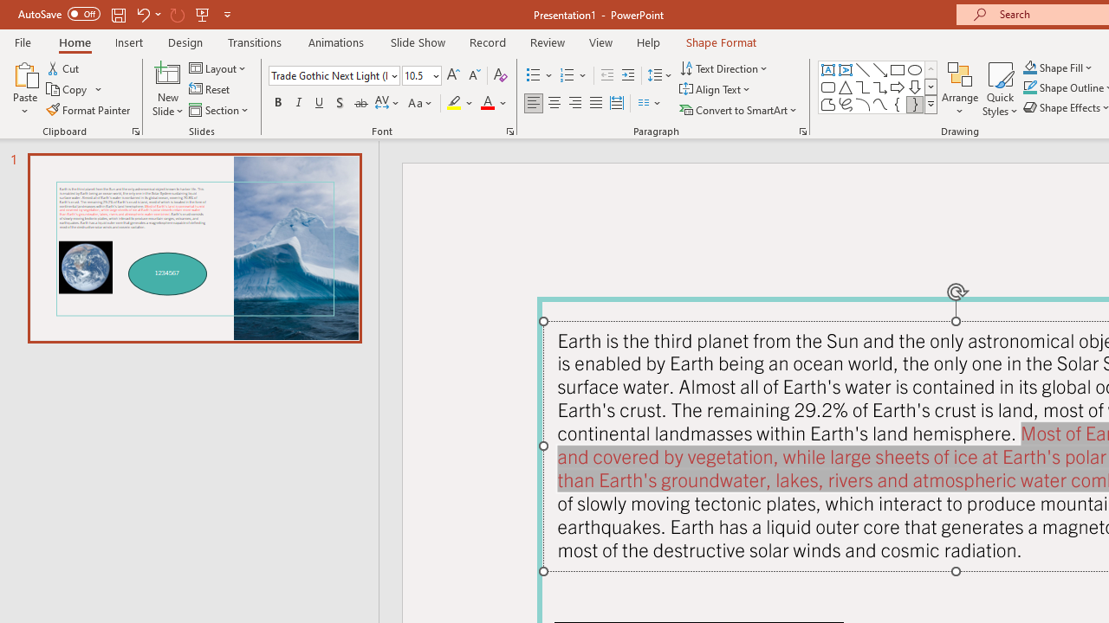 The width and height of the screenshot is (1109, 623). Describe the element at coordinates (827, 104) in the screenshot. I see `'Freeform: Shape'` at that location.